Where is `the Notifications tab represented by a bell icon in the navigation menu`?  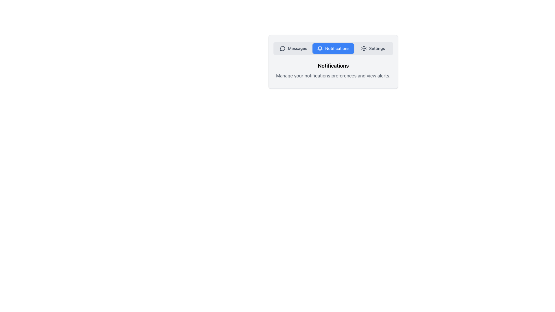 the Notifications tab represented by a bell icon in the navigation menu is located at coordinates (320, 47).